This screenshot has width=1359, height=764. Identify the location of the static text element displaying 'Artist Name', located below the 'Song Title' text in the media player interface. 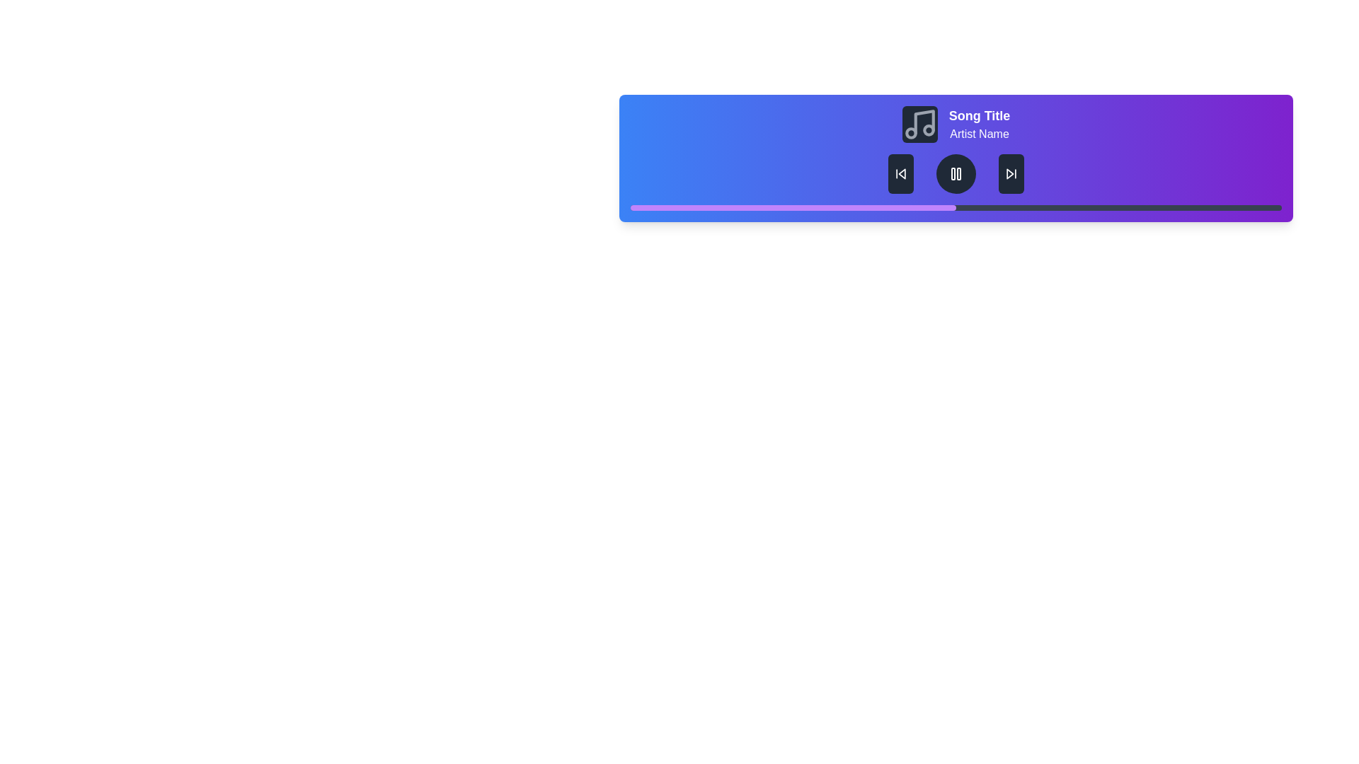
(978, 134).